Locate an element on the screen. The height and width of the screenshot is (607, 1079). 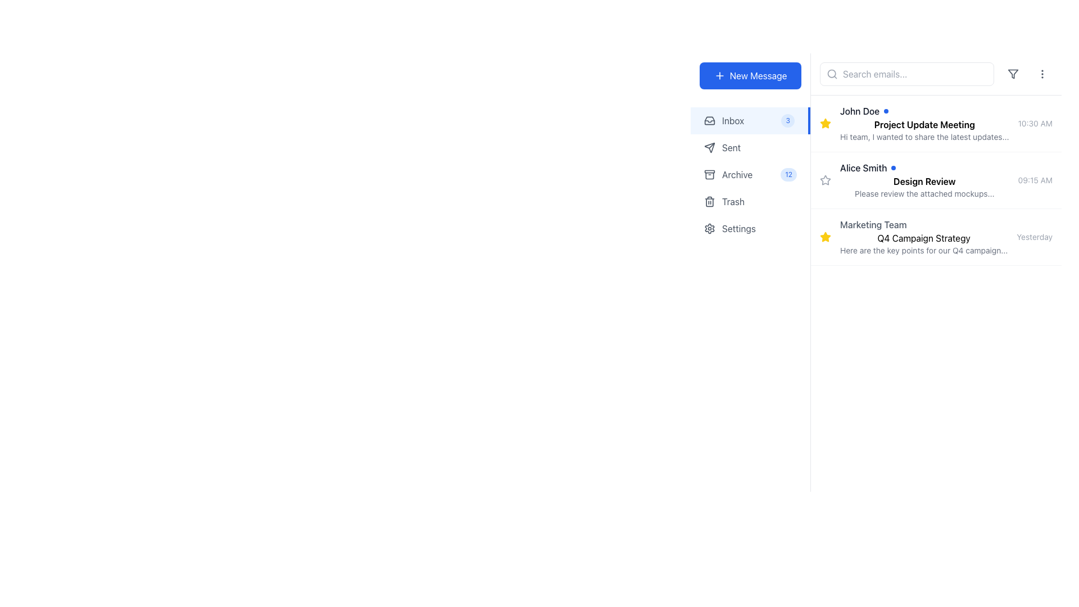
the topmost email preview list item, which provides a quick overview of the email including the sender's name, subject, and snippet of content is located at coordinates (936, 124).